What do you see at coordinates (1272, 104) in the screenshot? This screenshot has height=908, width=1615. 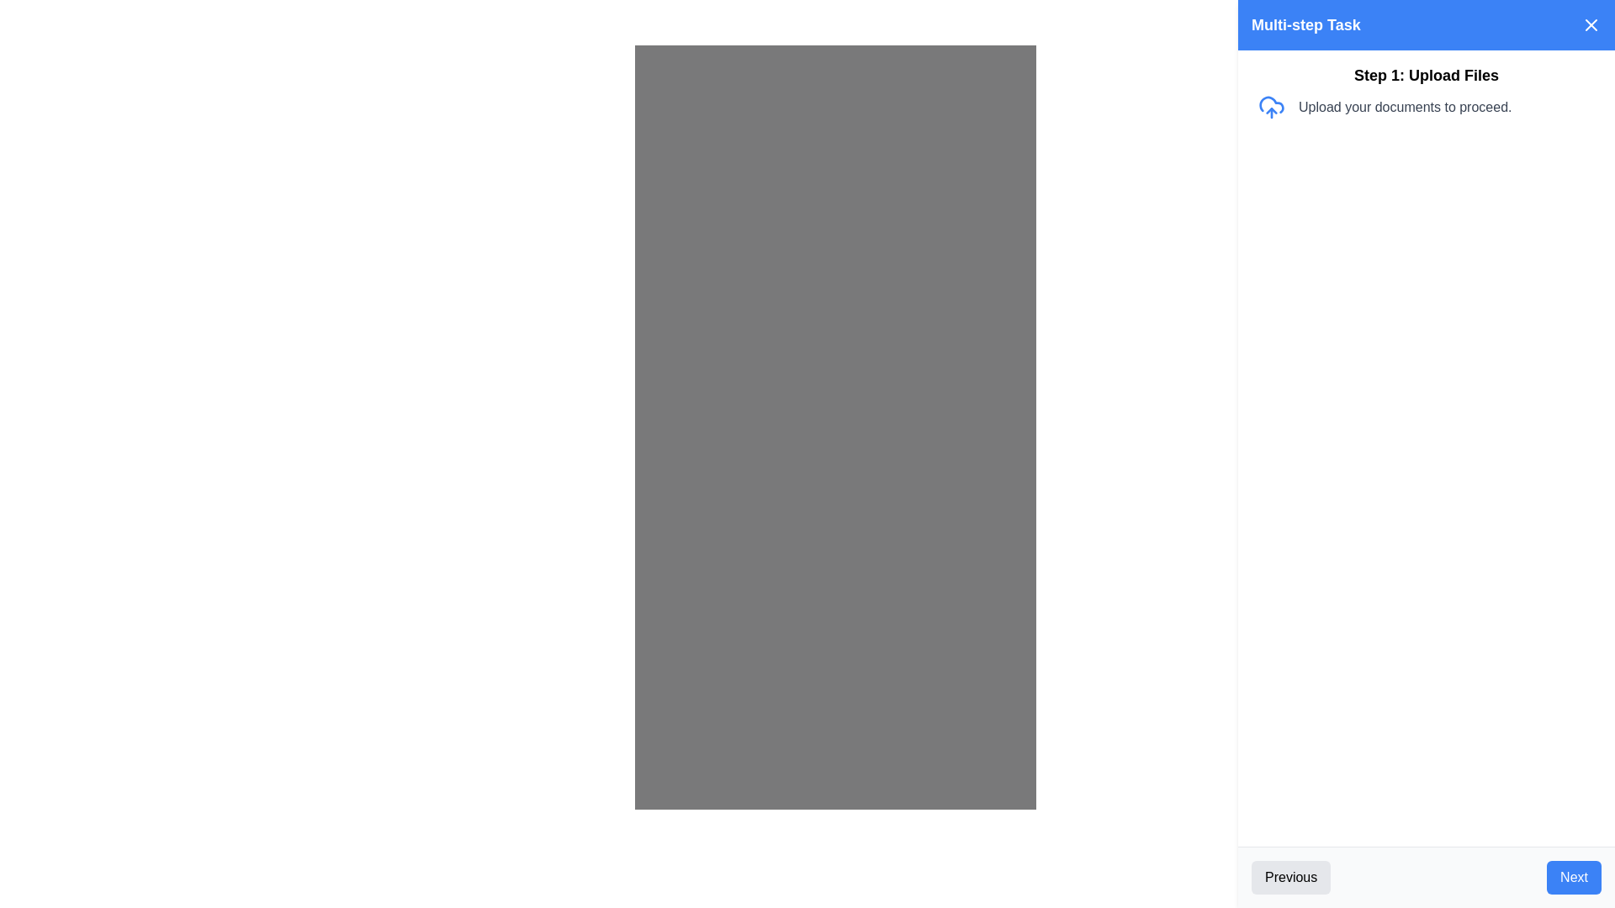 I see `the central portion of the cloud upload icon located to the left of the text 'Upload your documents to proceed.'` at bounding box center [1272, 104].